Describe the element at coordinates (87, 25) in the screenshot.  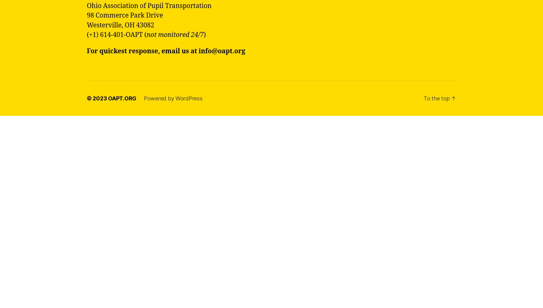
I see `'Westerville, OH 43082'` at that location.